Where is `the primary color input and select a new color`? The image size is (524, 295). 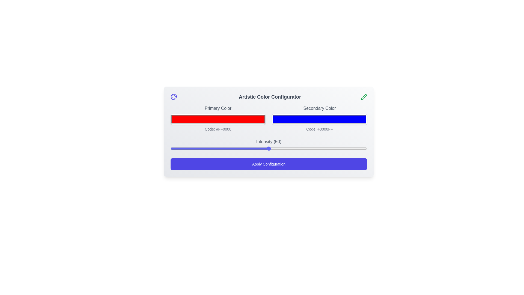
the primary color input and select a new color is located at coordinates (218, 119).